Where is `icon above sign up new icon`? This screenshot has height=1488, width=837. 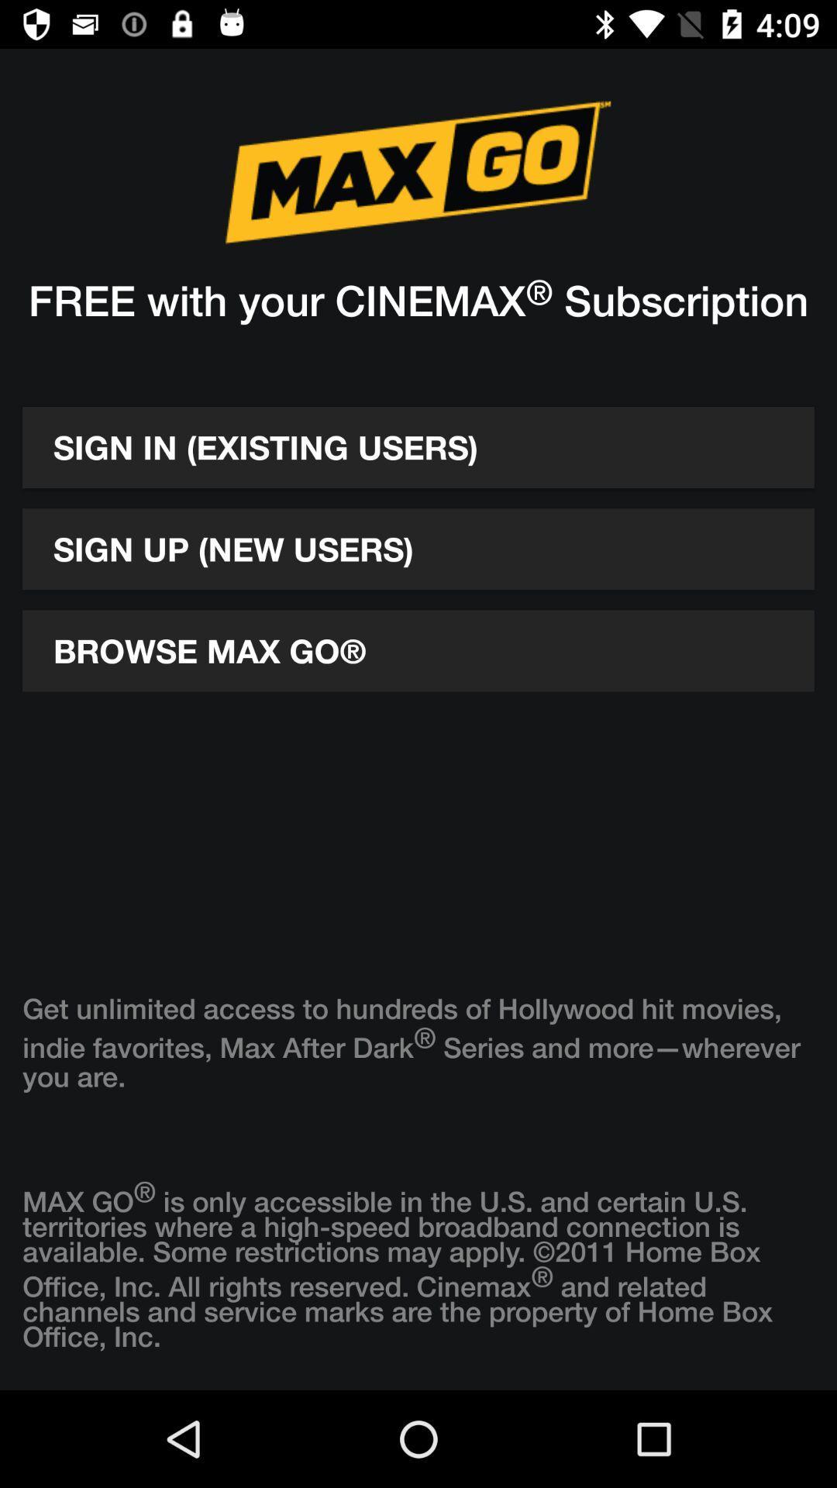
icon above sign up new icon is located at coordinates (418, 446).